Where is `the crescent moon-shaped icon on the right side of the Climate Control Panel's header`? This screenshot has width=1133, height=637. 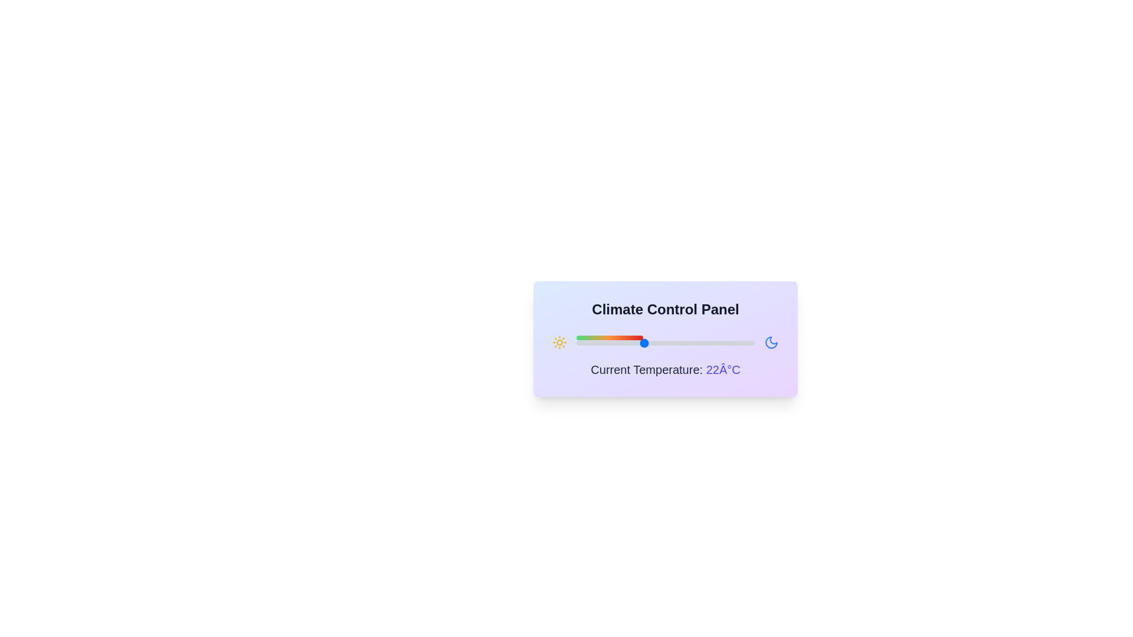
the crescent moon-shaped icon on the right side of the Climate Control Panel's header is located at coordinates (771, 343).